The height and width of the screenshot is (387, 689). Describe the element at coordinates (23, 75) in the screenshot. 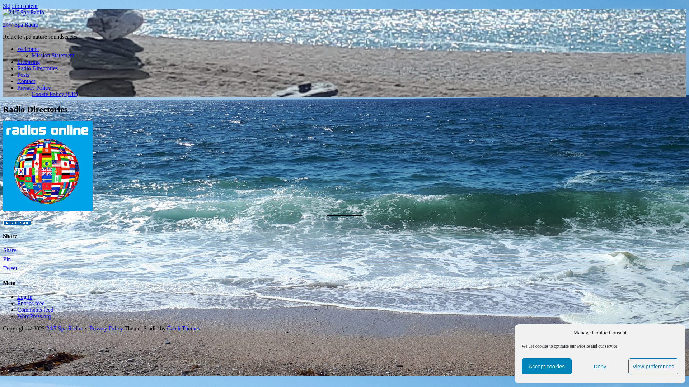

I see `'Posts'` at that location.